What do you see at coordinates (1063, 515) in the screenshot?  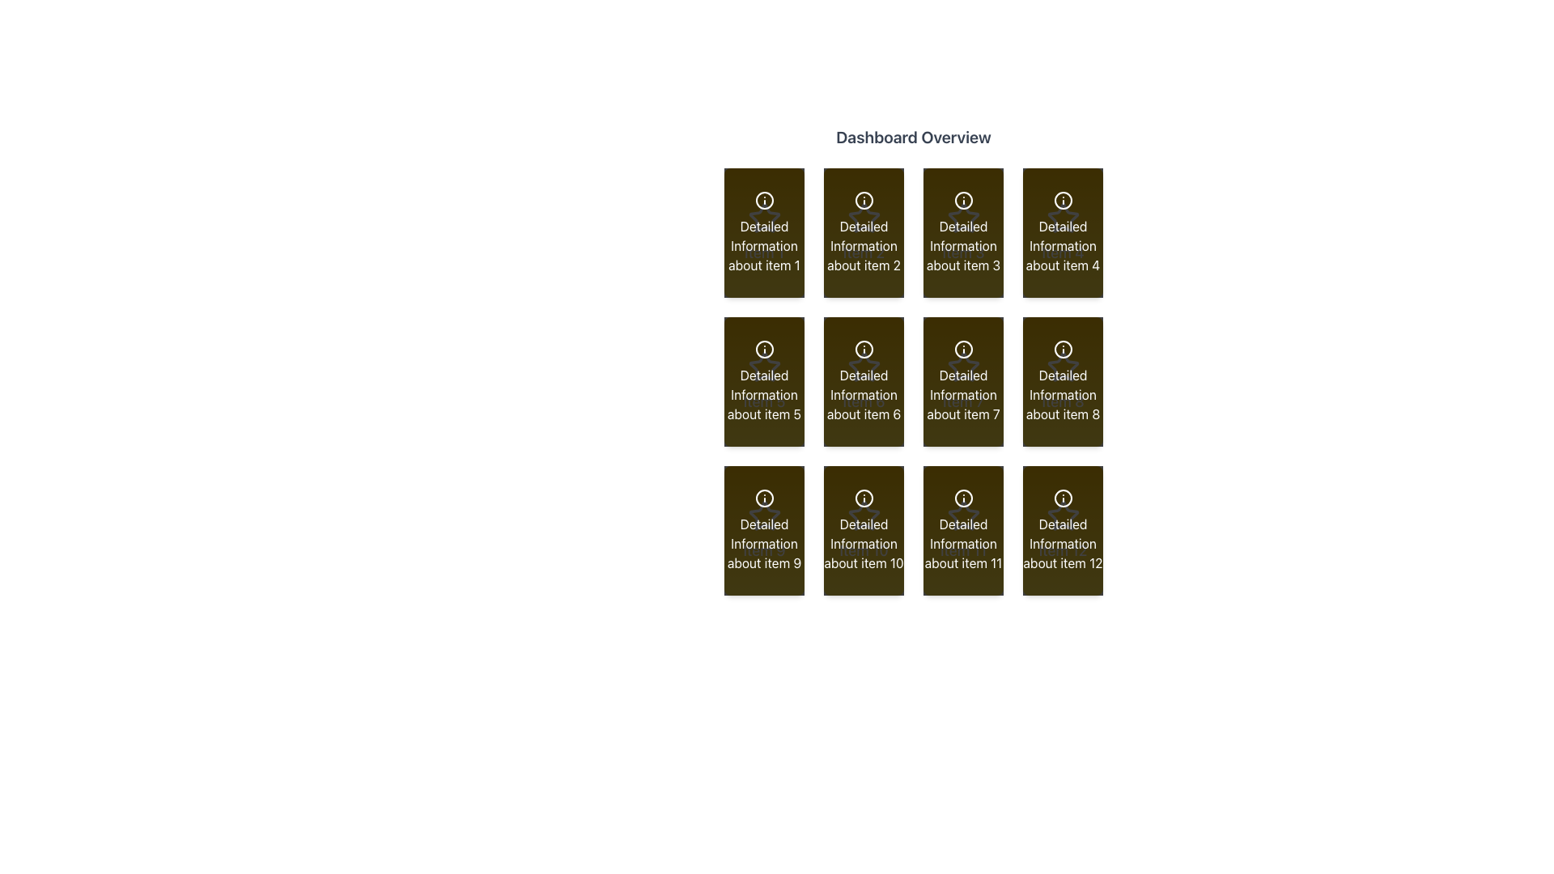 I see `the decorative icon located at the top center of the twelfth card in a grid layout of 4 columns and 3 rows` at bounding box center [1063, 515].